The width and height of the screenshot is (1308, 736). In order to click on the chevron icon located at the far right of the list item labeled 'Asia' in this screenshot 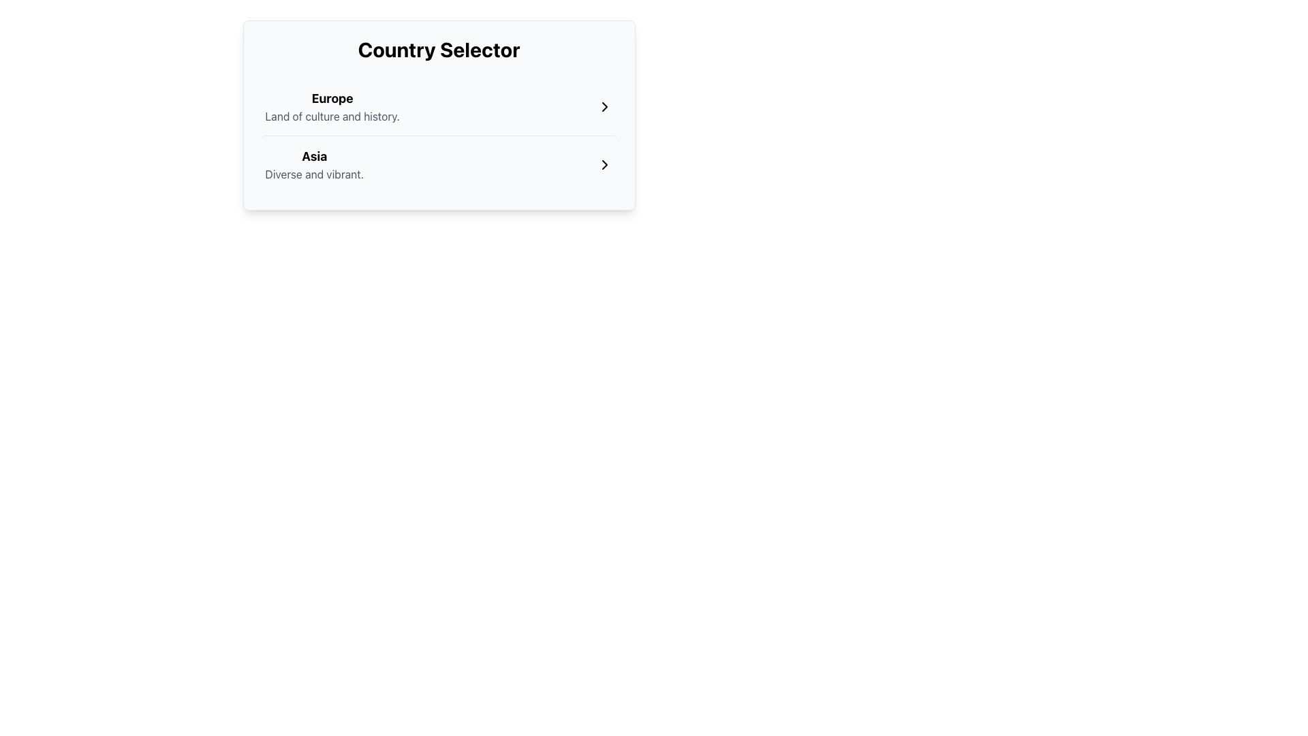, I will do `click(604, 164)`.